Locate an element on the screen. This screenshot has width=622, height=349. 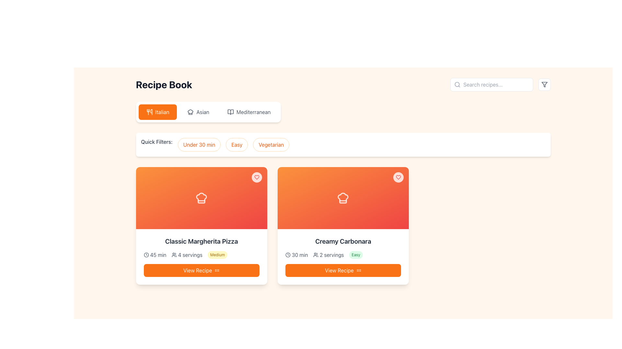
the decorative vector graphic representing cuisine and cooking themes, which is centrally located within the chef's hat icon on the leftmost card of the Recipe Book section is located at coordinates (190, 112).